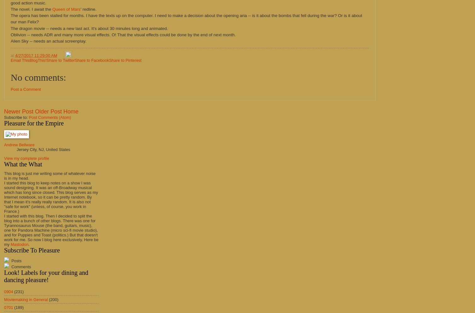 This screenshot has width=475, height=313. Describe the element at coordinates (16, 149) in the screenshot. I see `'Jersey City, NJ, United States'` at that location.